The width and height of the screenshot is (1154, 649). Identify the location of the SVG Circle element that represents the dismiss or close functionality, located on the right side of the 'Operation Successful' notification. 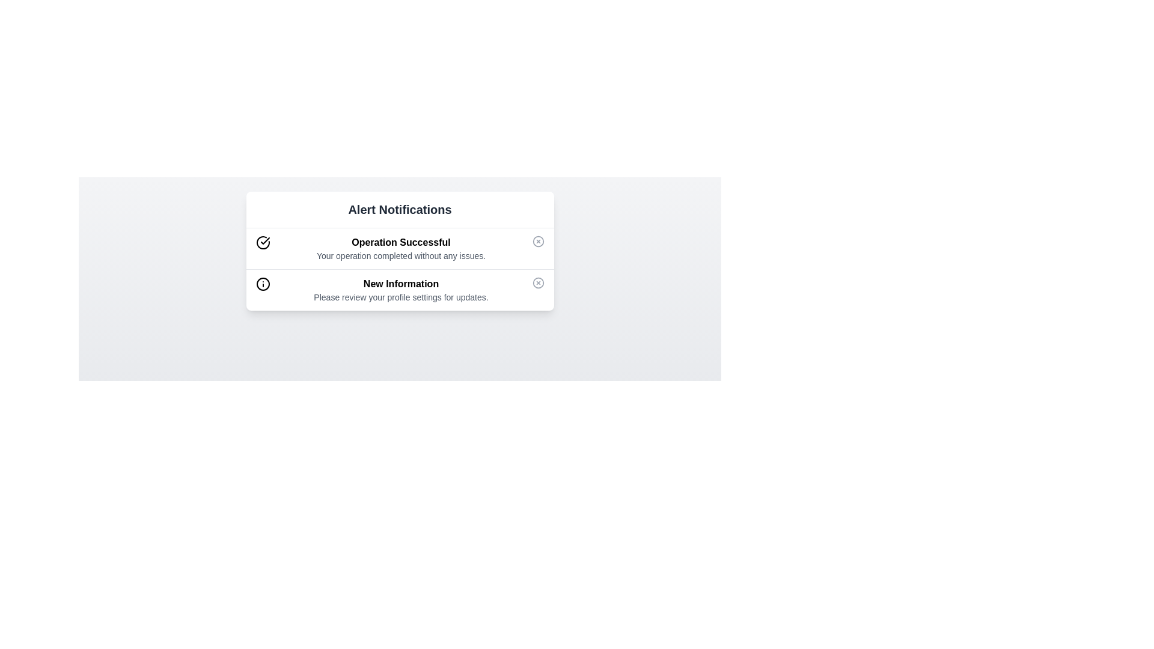
(537, 241).